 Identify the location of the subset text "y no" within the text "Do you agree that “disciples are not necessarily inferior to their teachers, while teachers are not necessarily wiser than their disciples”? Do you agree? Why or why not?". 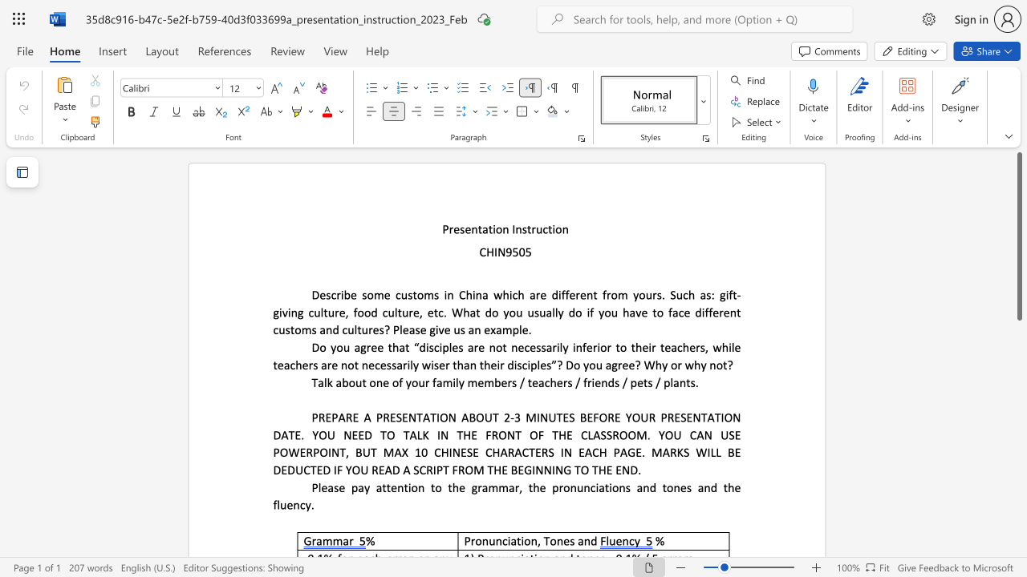
(700, 365).